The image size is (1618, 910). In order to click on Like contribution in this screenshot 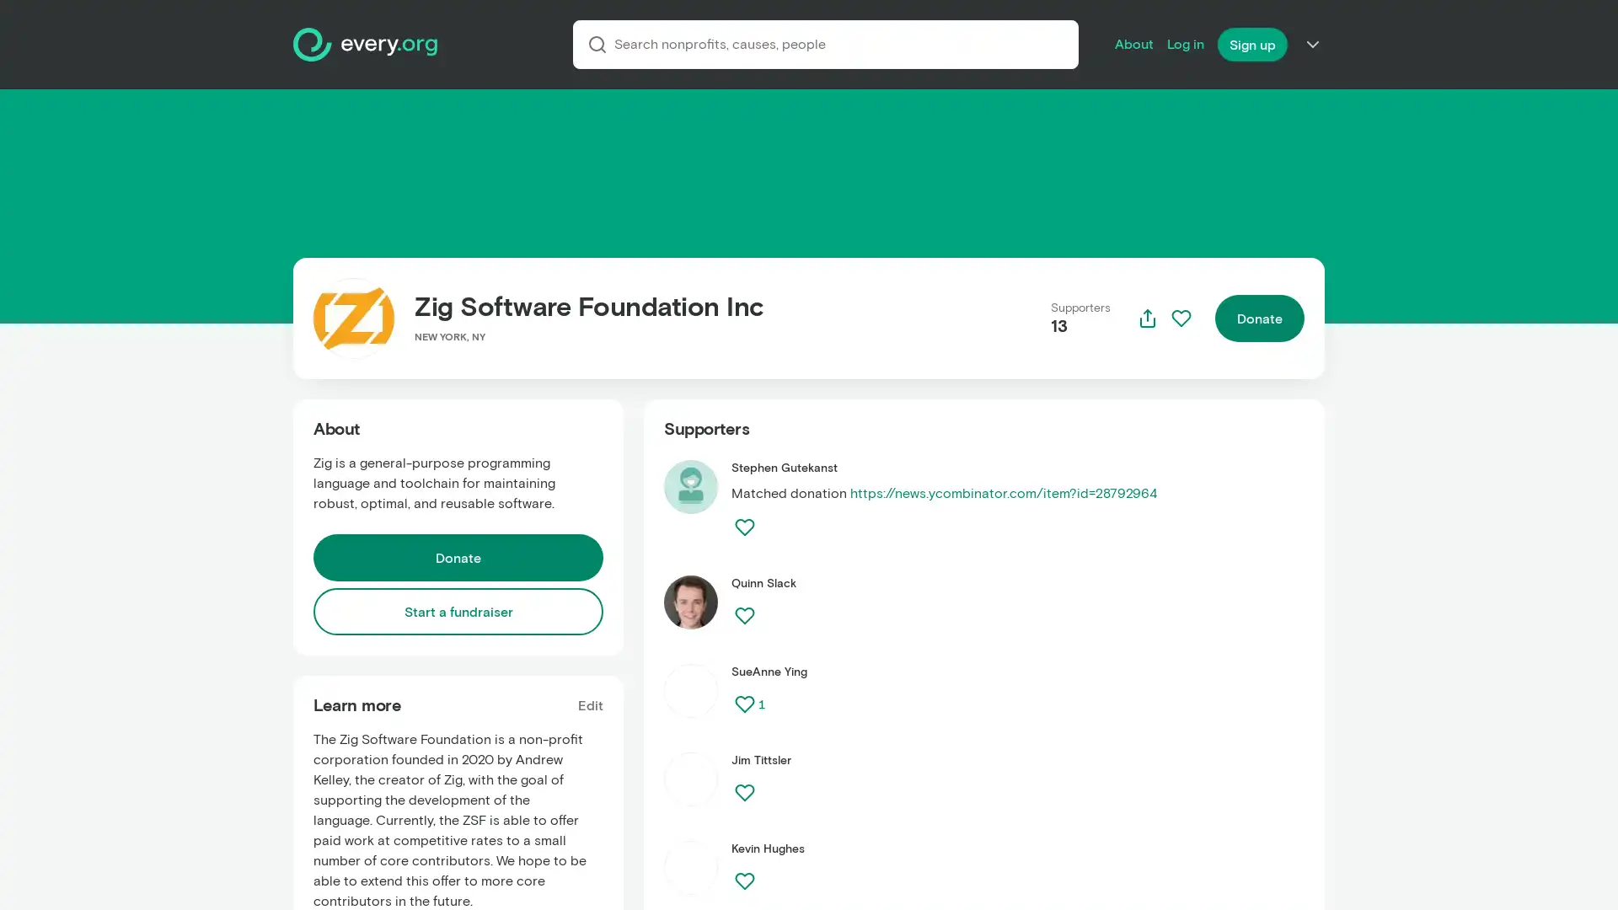, I will do `click(743, 616)`.